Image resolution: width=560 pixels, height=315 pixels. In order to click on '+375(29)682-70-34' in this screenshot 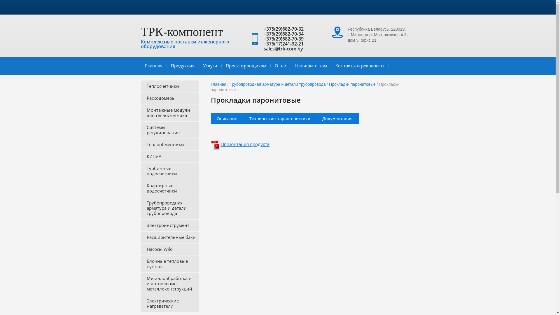, I will do `click(283, 34)`.